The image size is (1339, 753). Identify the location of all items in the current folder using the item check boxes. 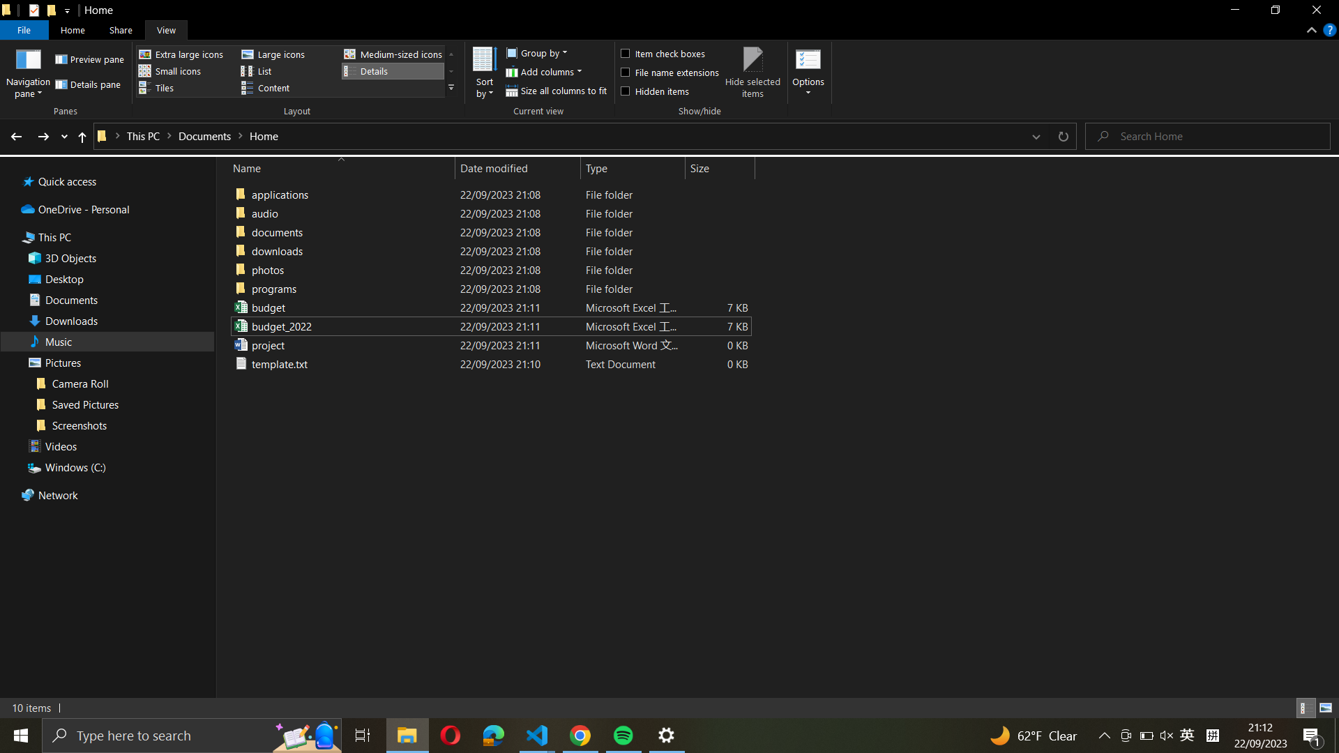
(667, 51).